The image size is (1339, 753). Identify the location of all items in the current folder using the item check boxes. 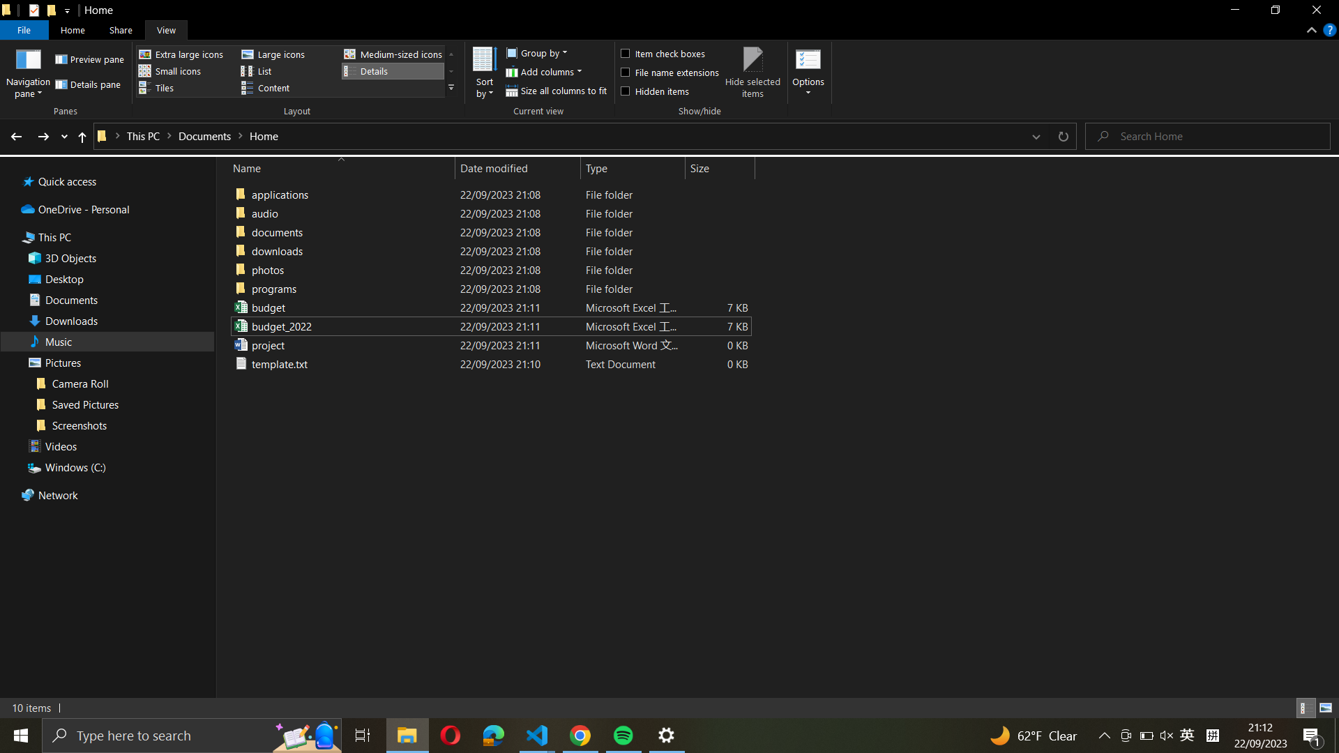
(667, 51).